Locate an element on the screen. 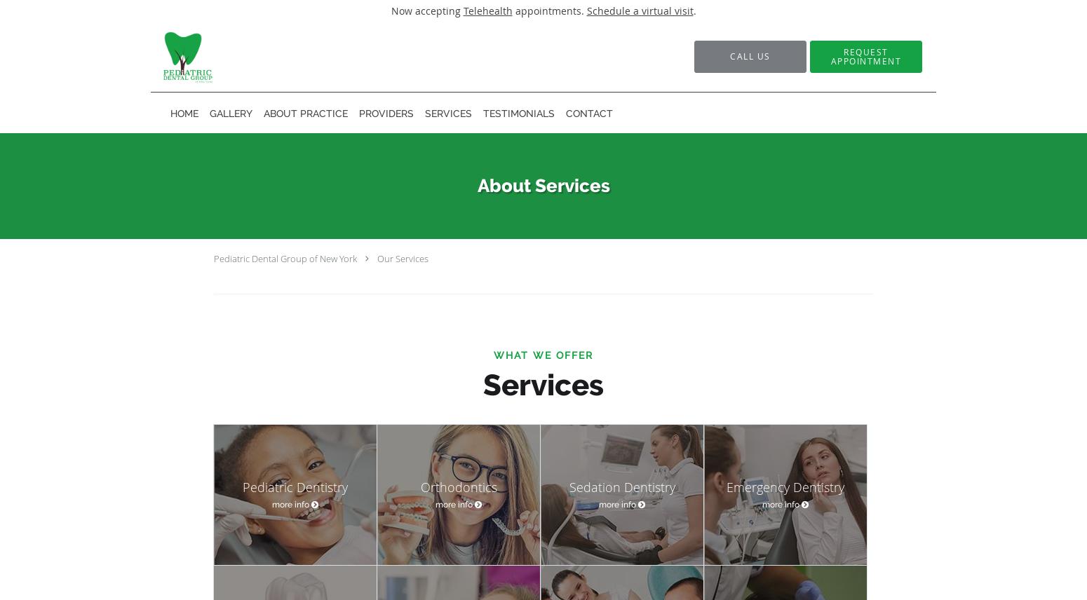 This screenshot has width=1087, height=600. 'Testimonials' is located at coordinates (482, 114).